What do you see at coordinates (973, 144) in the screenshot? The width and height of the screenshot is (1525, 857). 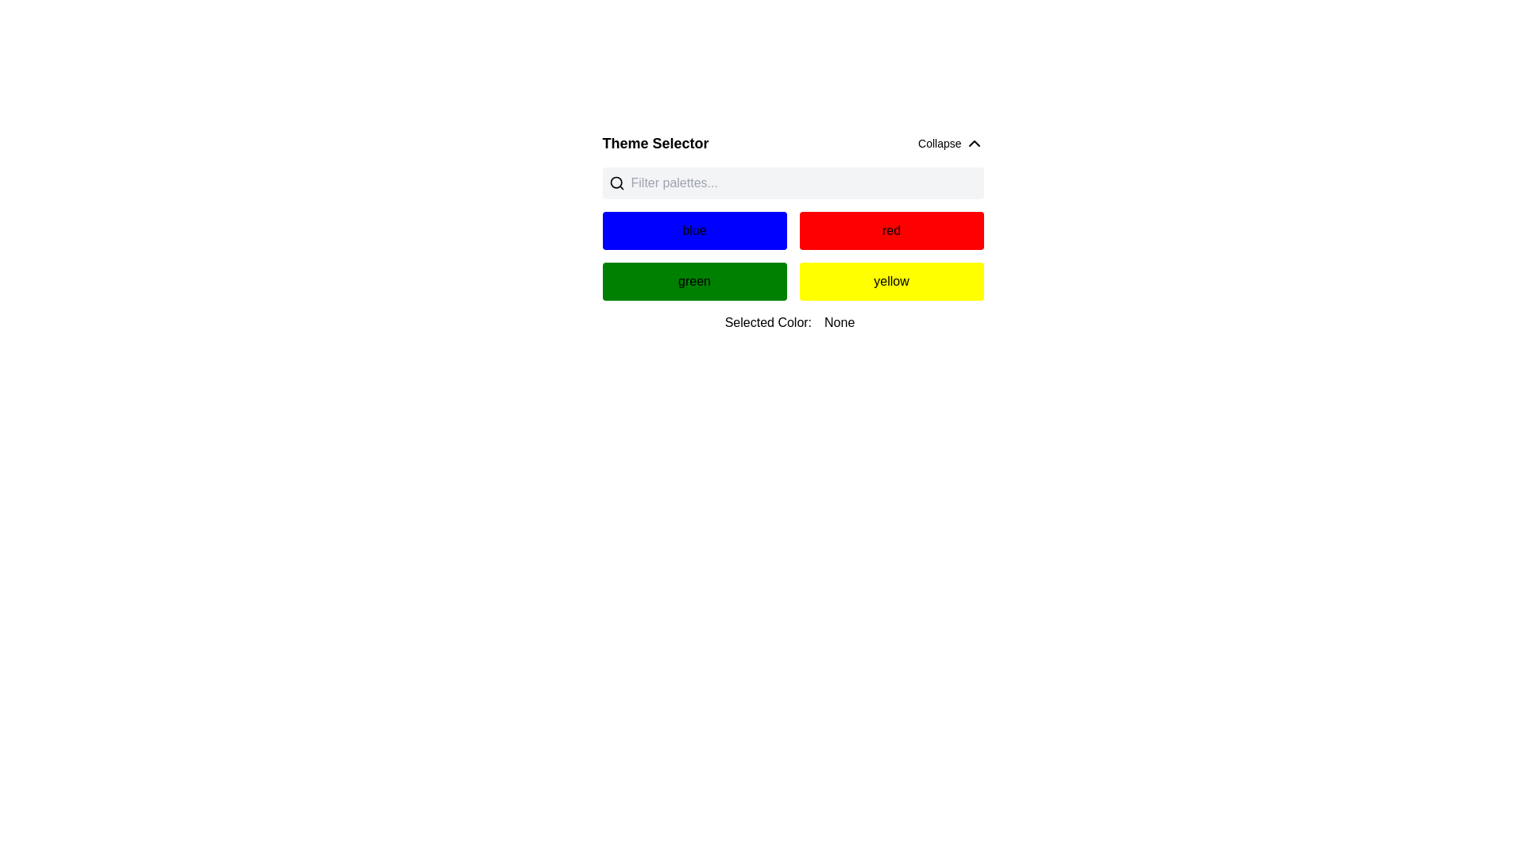 I see `the small chevron-shaped icon pointing upwards, located directly to the right of the text 'Collapse' in the header area` at bounding box center [973, 144].